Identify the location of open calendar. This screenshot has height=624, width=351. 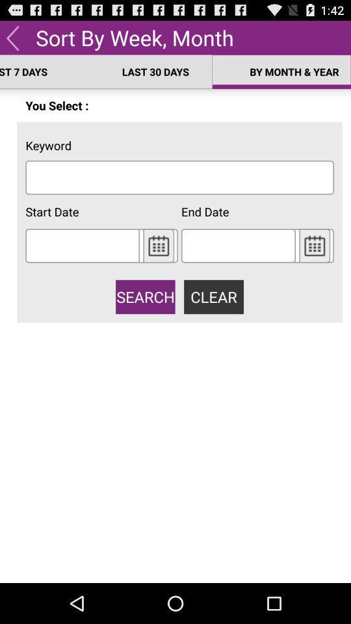
(314, 244).